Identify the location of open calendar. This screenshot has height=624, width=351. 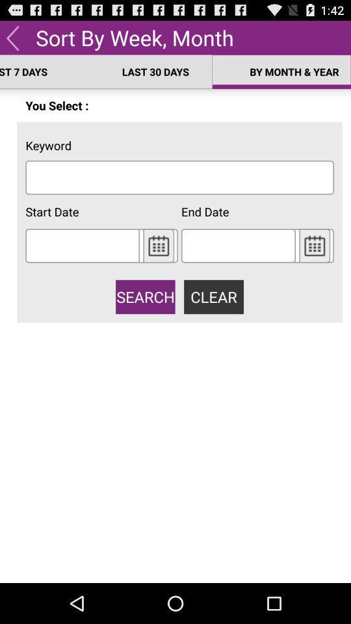
(314, 244).